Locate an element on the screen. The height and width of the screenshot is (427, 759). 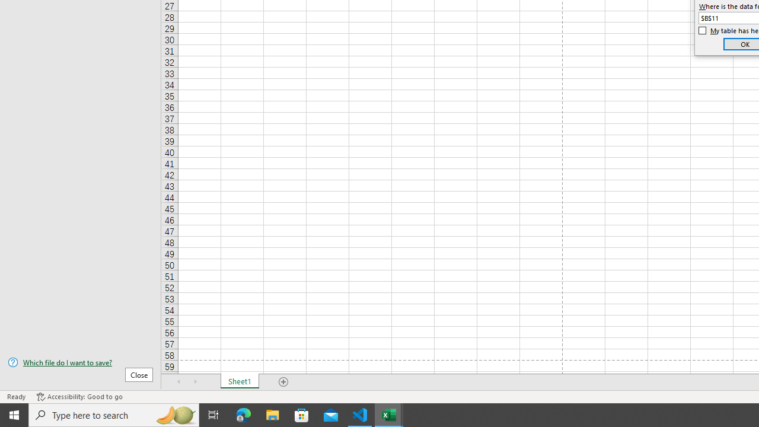
'Scroll Right' is located at coordinates (196, 382).